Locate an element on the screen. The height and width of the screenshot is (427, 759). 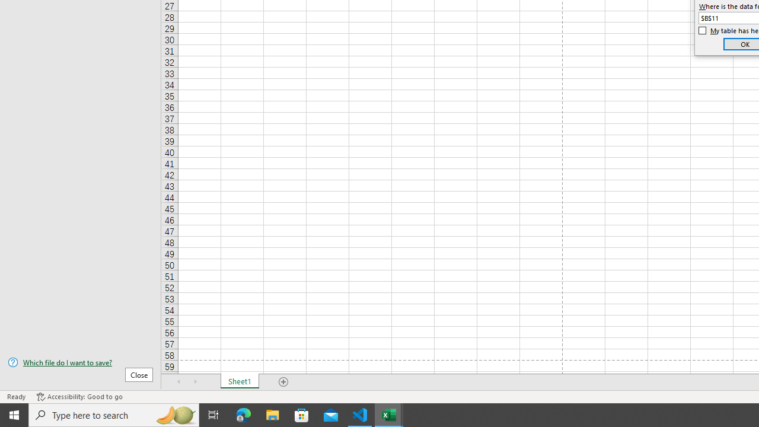
'Scroll Right' is located at coordinates (196, 382).